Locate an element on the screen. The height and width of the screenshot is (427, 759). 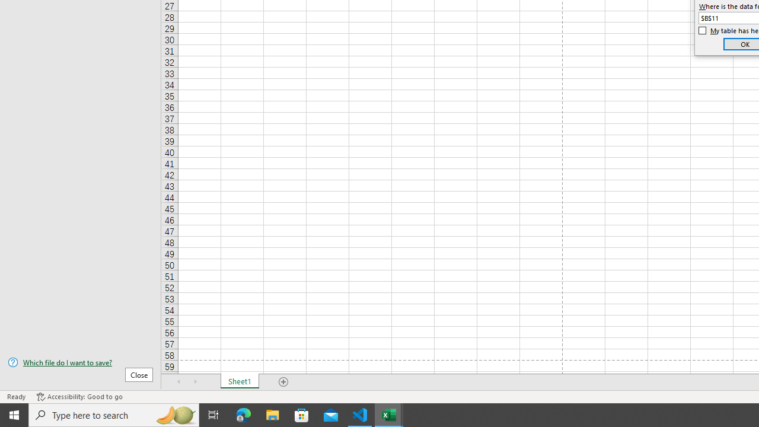
'Scroll Right' is located at coordinates (196, 382).